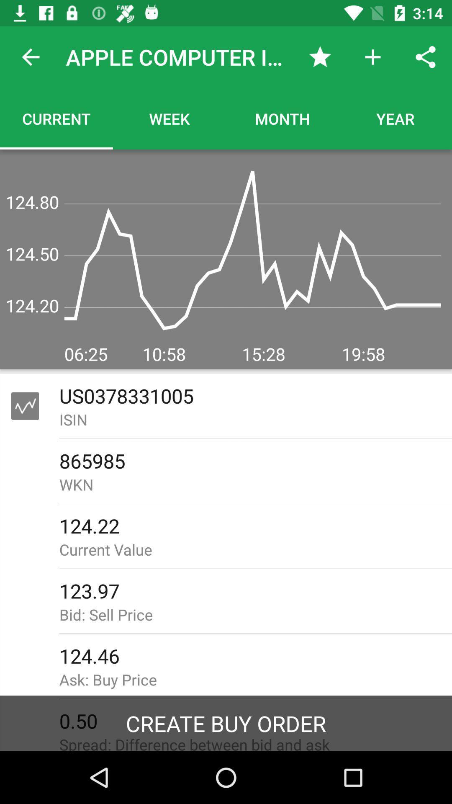 Image resolution: width=452 pixels, height=804 pixels. Describe the element at coordinates (30, 57) in the screenshot. I see `the icon to the left of the apple computer inc.` at that location.